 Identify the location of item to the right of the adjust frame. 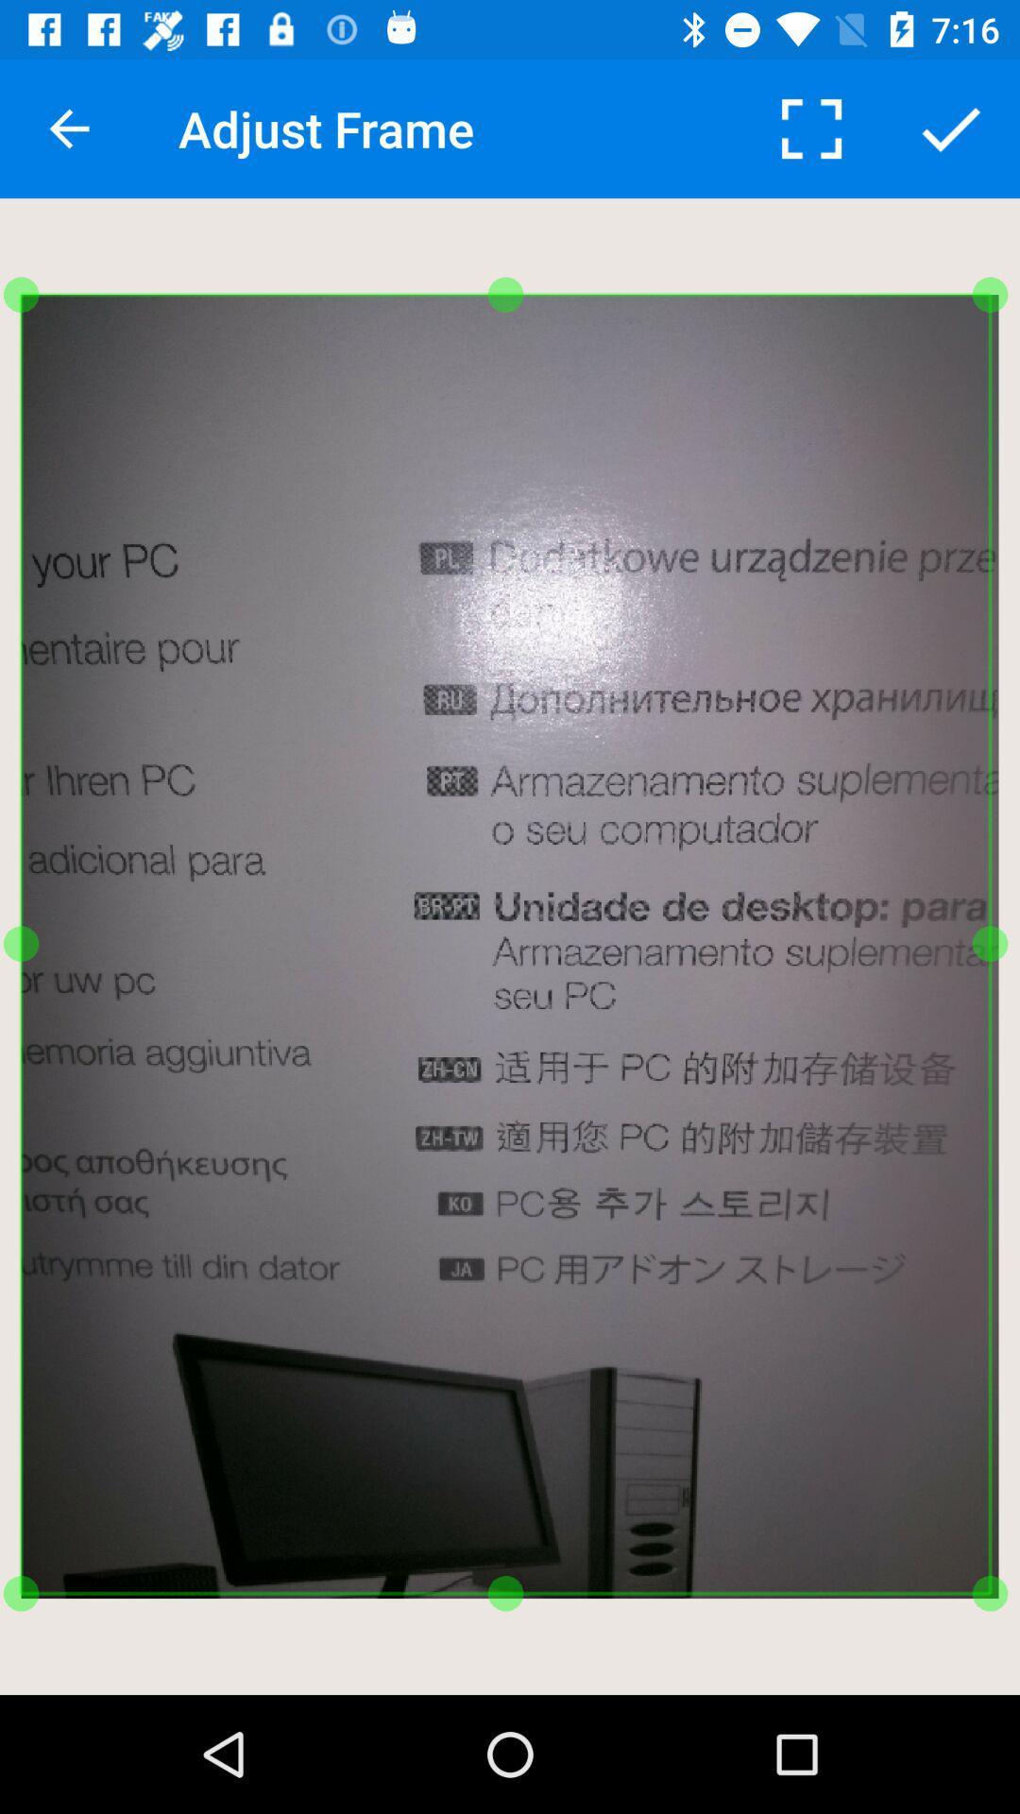
(810, 128).